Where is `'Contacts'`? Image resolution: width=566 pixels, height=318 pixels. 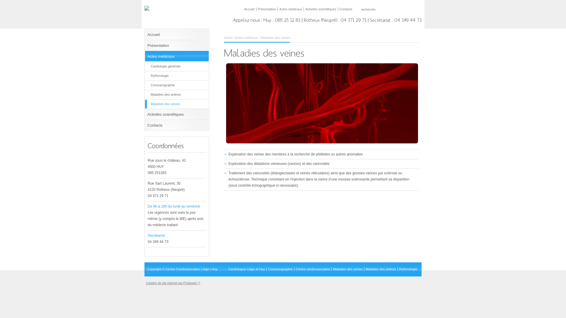 'Contacts' is located at coordinates (346, 9).